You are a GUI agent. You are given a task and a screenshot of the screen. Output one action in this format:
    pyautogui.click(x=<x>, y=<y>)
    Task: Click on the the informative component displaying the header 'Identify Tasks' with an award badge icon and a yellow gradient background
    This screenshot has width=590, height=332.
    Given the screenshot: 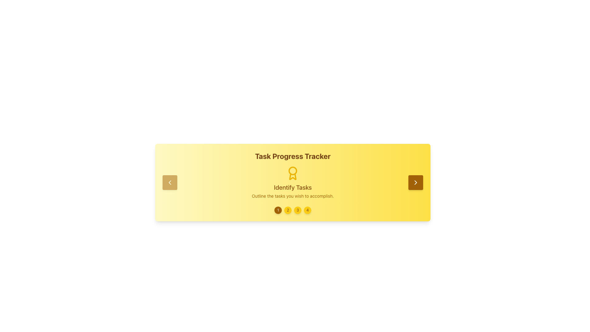 What is the action you would take?
    pyautogui.click(x=293, y=182)
    